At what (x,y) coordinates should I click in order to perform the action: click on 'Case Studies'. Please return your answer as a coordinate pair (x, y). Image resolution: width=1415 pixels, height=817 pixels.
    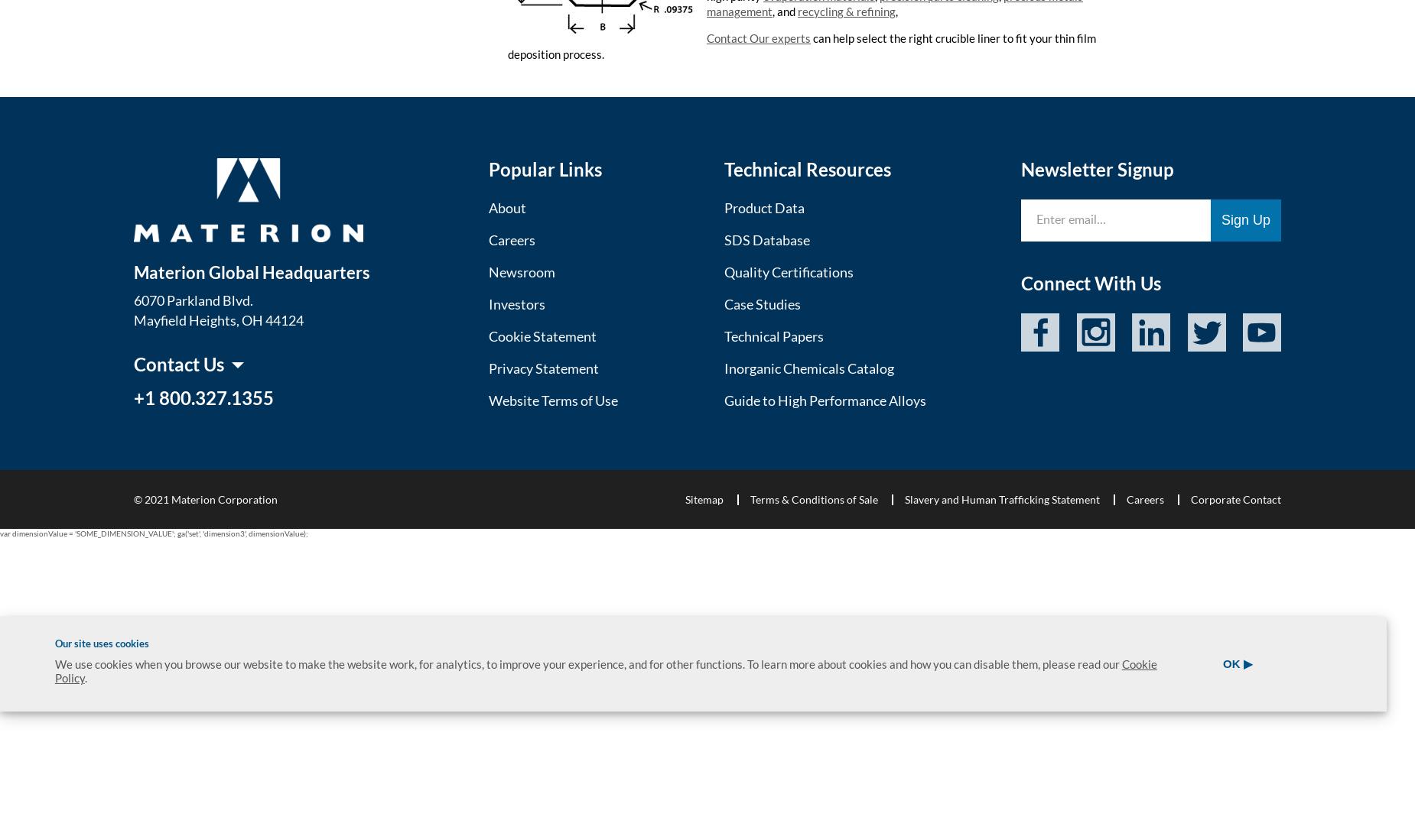
    Looking at the image, I should click on (761, 303).